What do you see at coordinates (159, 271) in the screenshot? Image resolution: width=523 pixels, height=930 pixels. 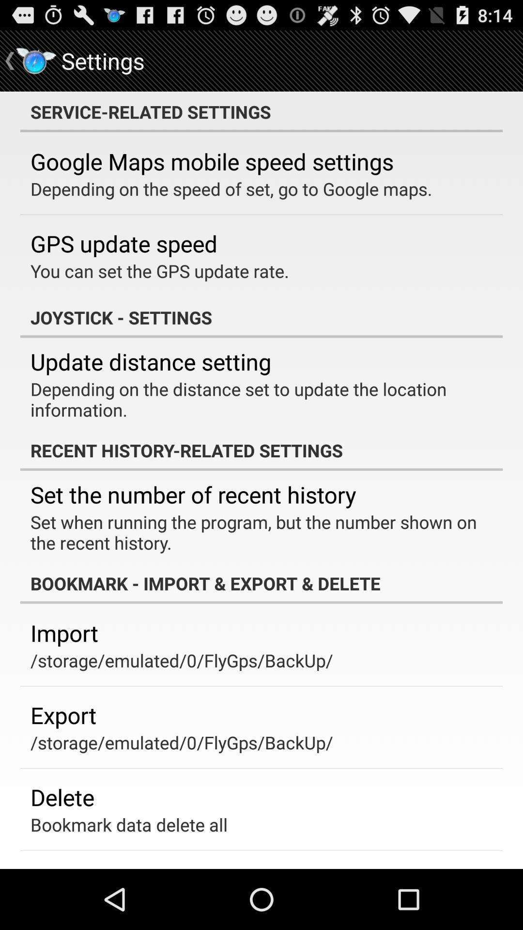 I see `app above the joystick - settings item` at bounding box center [159, 271].